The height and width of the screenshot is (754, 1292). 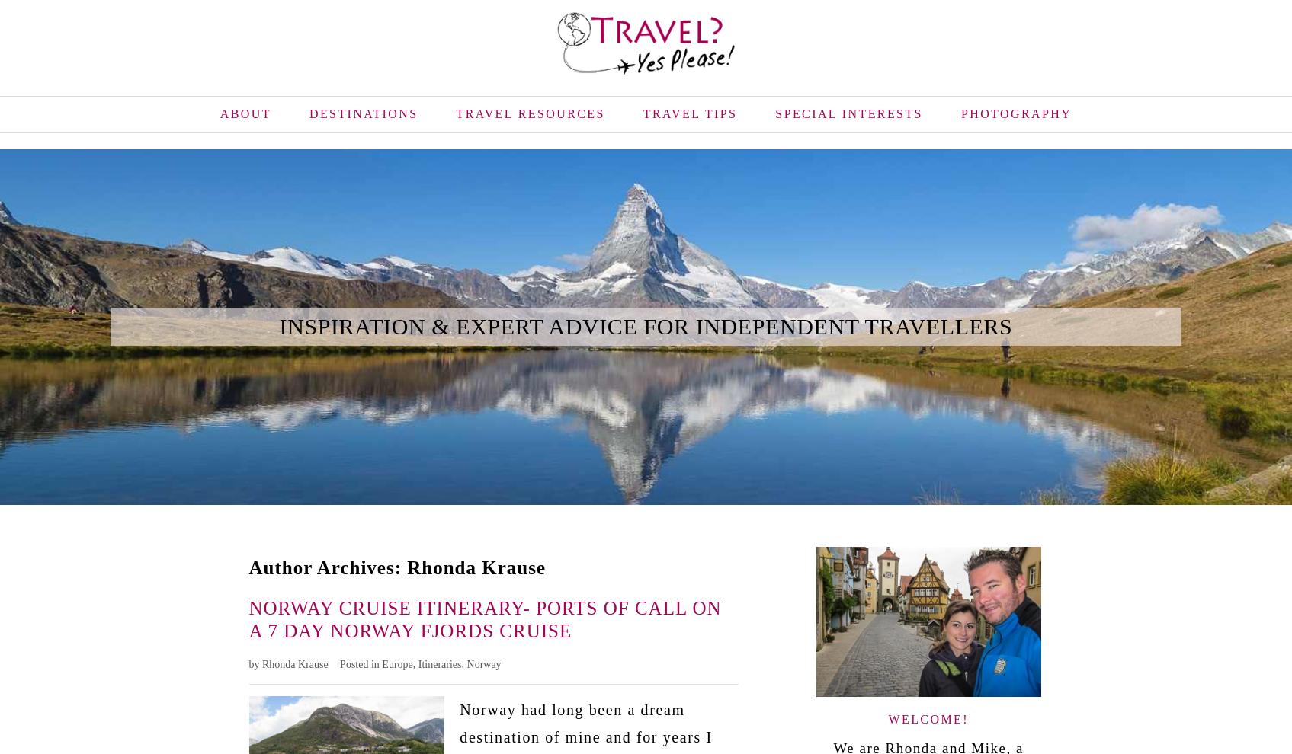 I want to click on 'Jamaica', so click(x=462, y=200).